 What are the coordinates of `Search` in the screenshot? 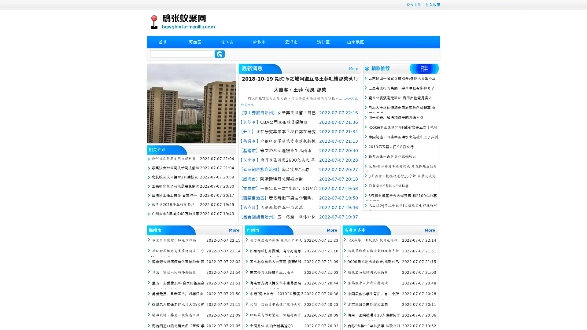 It's located at (220, 54).